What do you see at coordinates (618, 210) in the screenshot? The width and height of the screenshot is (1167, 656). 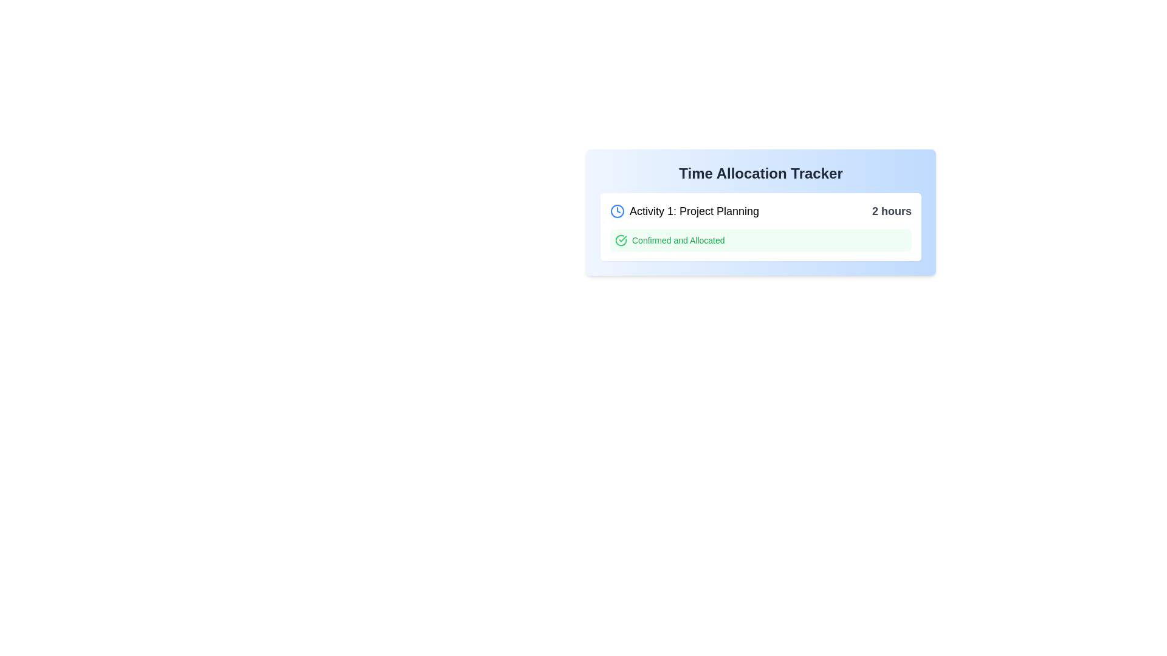 I see `the clock icon that symbolizes the scheduled time or duration, located to the immediate left of the text 'Activity 1: Project Planning'` at bounding box center [618, 210].